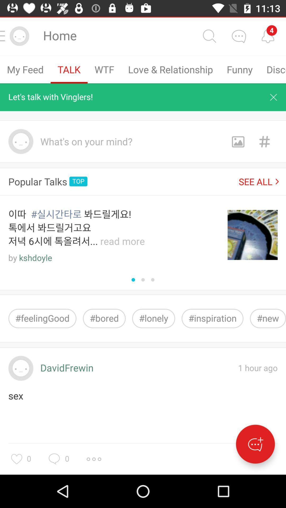 The height and width of the screenshot is (508, 286). I want to click on search button, so click(209, 36).